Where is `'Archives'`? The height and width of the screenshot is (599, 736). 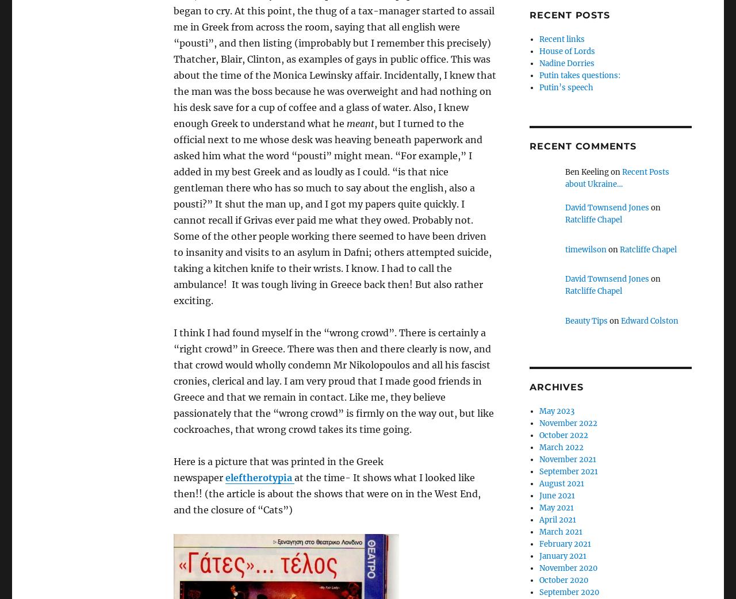
'Archives' is located at coordinates (556, 387).